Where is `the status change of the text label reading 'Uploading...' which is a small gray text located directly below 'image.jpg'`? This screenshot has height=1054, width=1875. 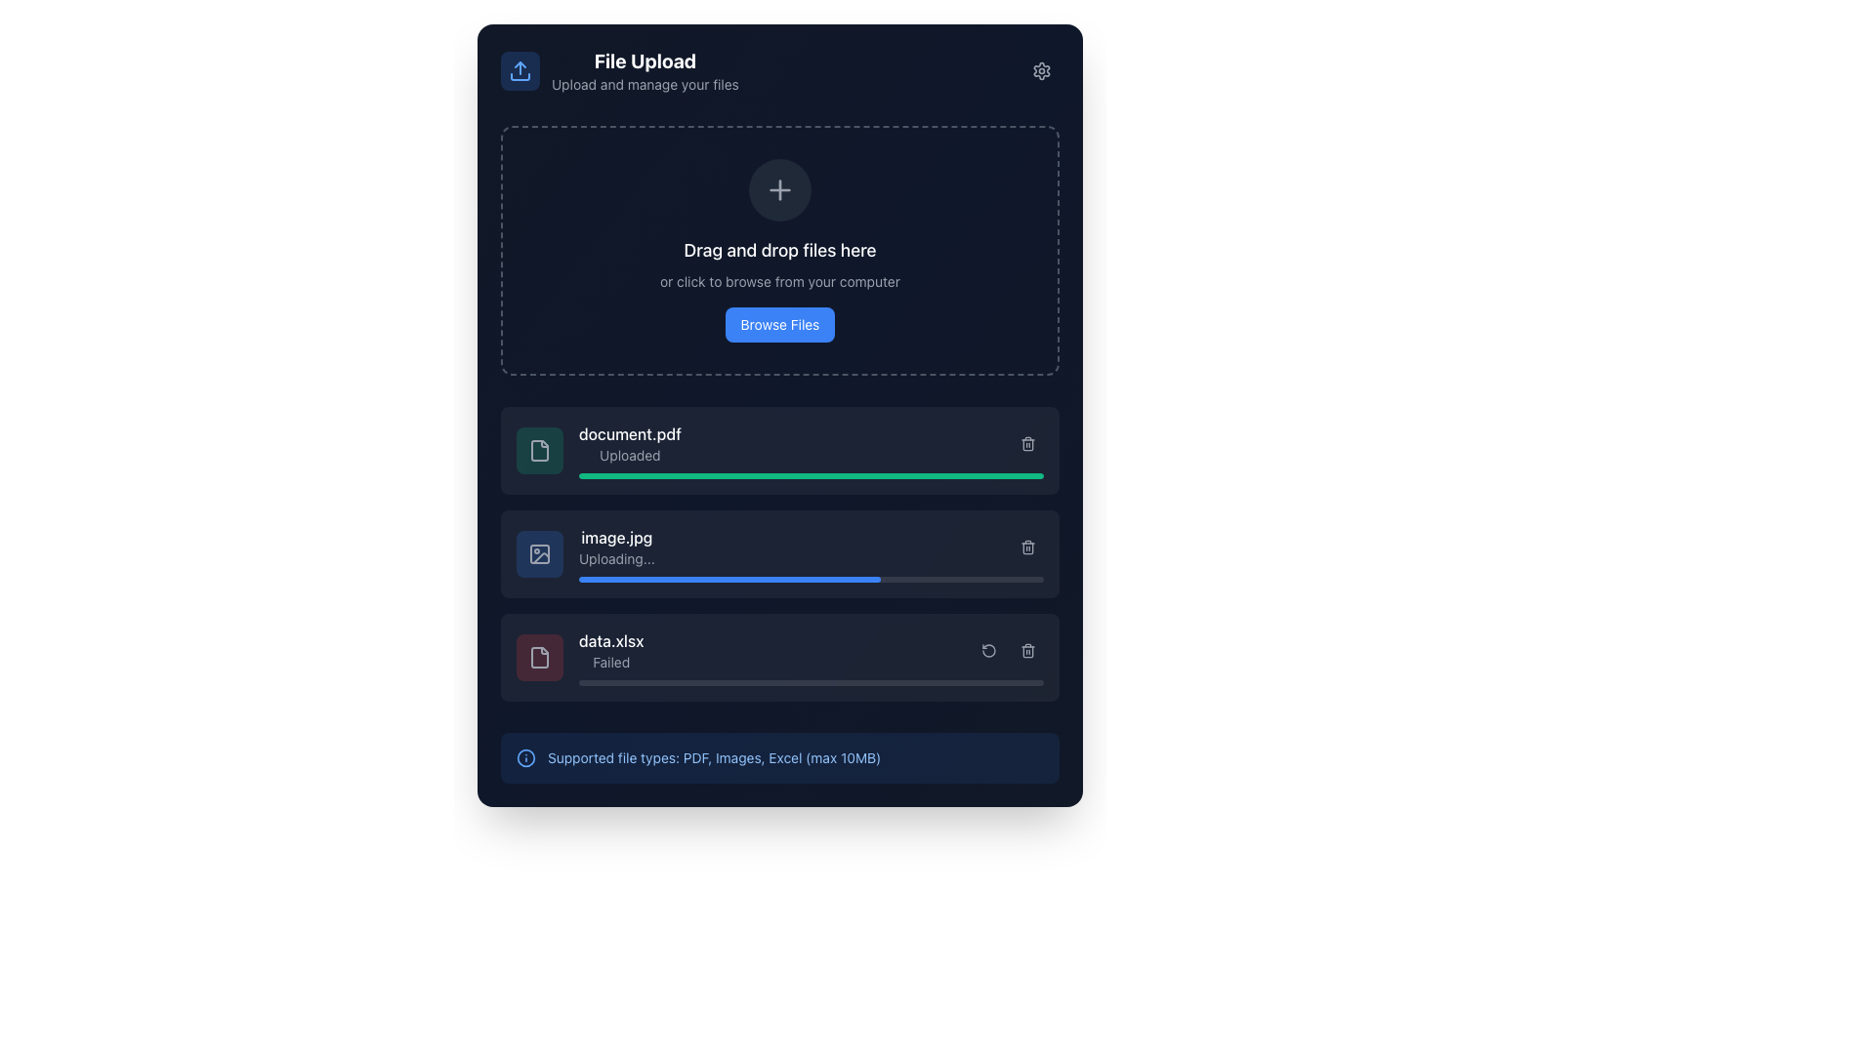
the status change of the text label reading 'Uploading...' which is a small gray text located directly below 'image.jpg' is located at coordinates (615, 559).